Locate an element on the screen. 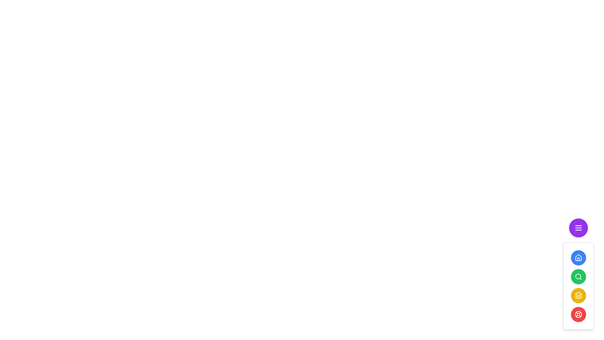 The image size is (604, 340). the Iconographic vector graphic representing layers or strata, located in the middle of three similar icons within a vertical stack on the right side of the interface is located at coordinates (578, 296).